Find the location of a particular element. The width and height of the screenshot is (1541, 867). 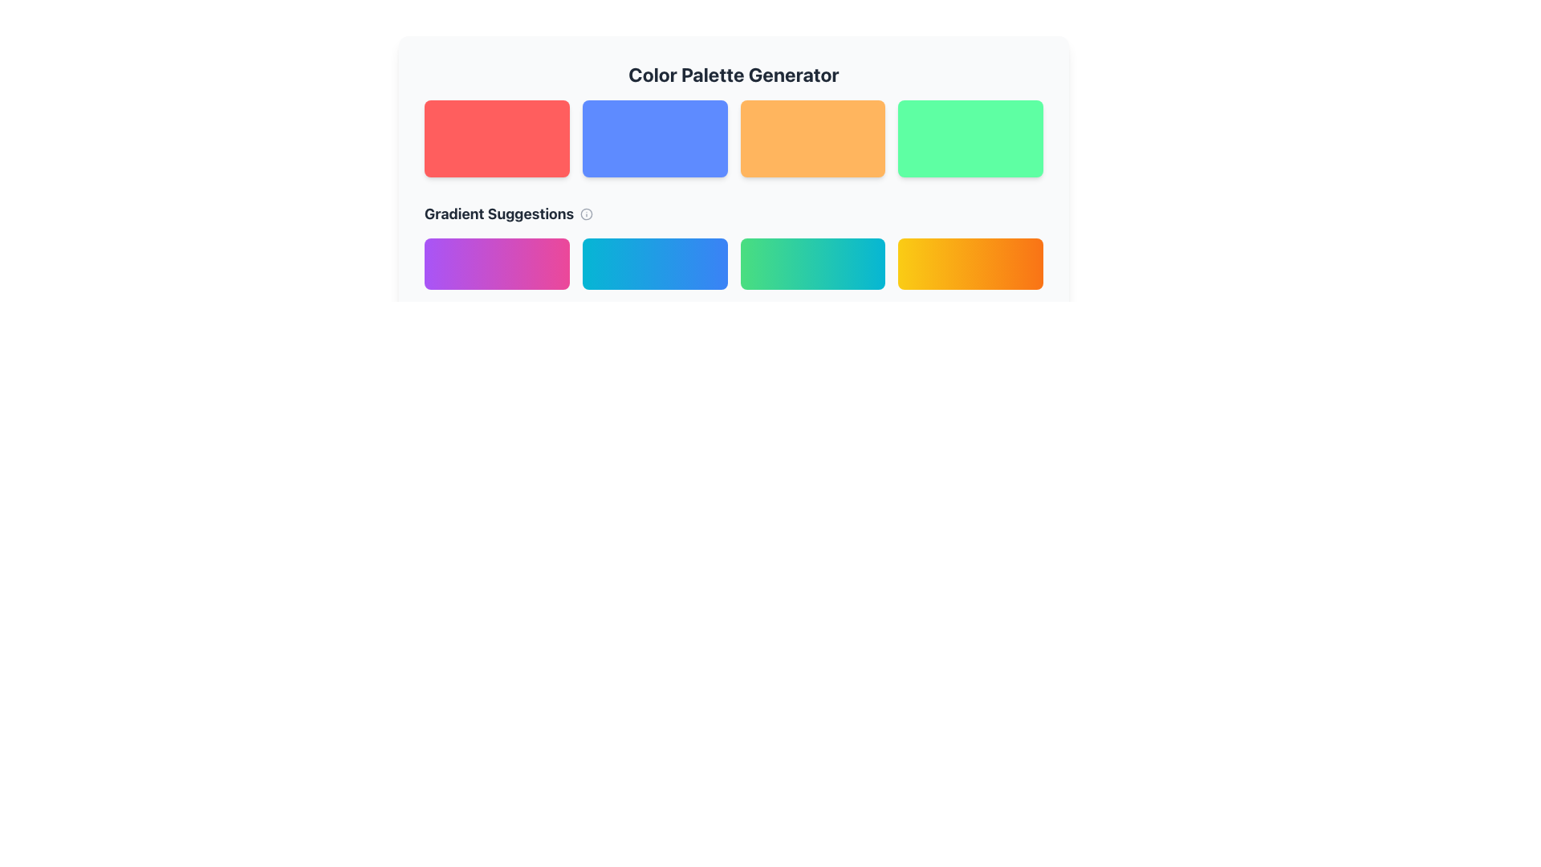

decorative circle element within the information icon next to 'Gradient Suggestions' using developer tools is located at coordinates (586, 213).